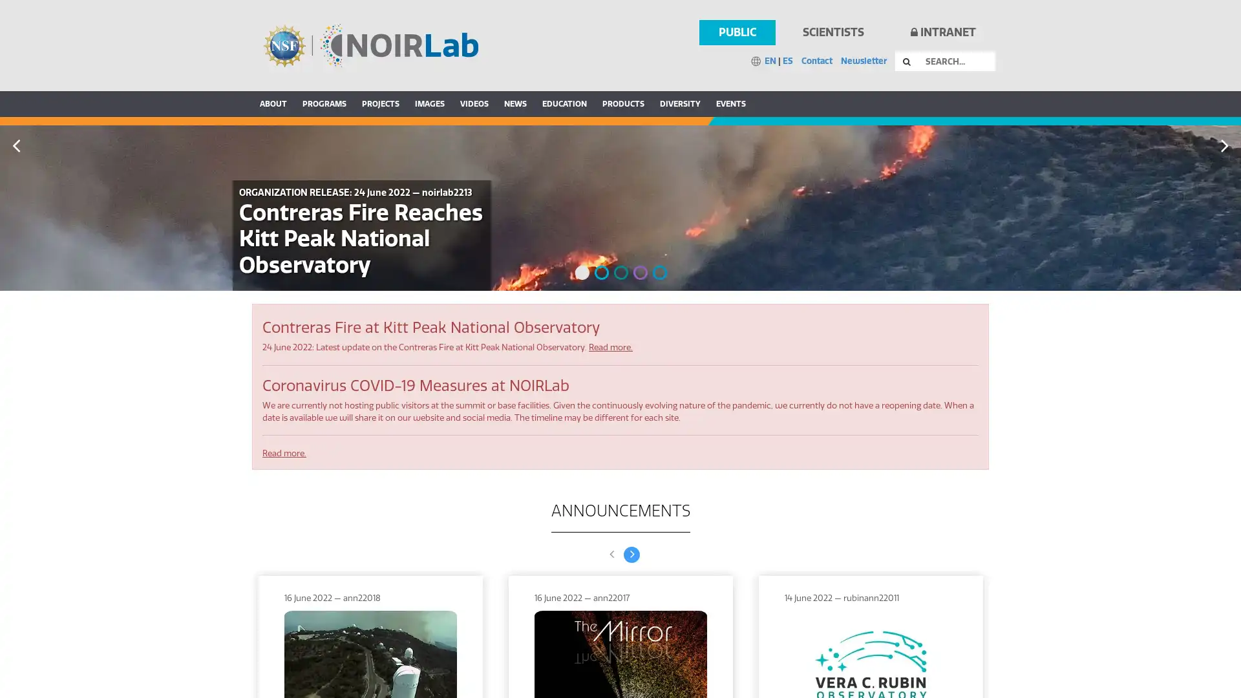  I want to click on 2, so click(601, 397).